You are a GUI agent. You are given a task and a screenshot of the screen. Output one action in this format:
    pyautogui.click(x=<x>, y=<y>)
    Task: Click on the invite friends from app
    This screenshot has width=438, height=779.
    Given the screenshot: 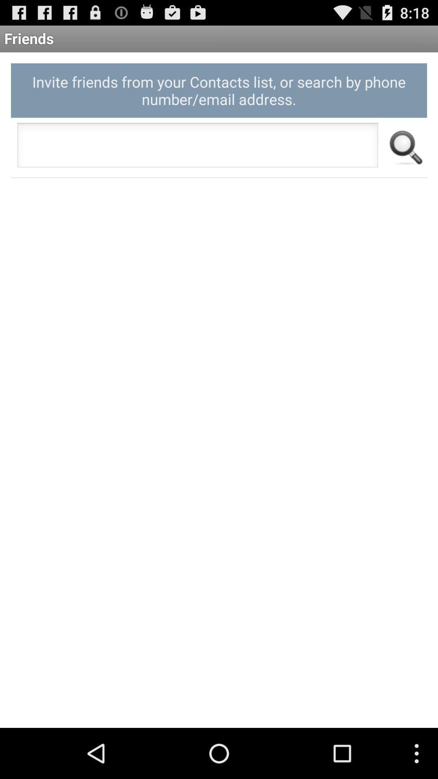 What is the action you would take?
    pyautogui.click(x=219, y=90)
    